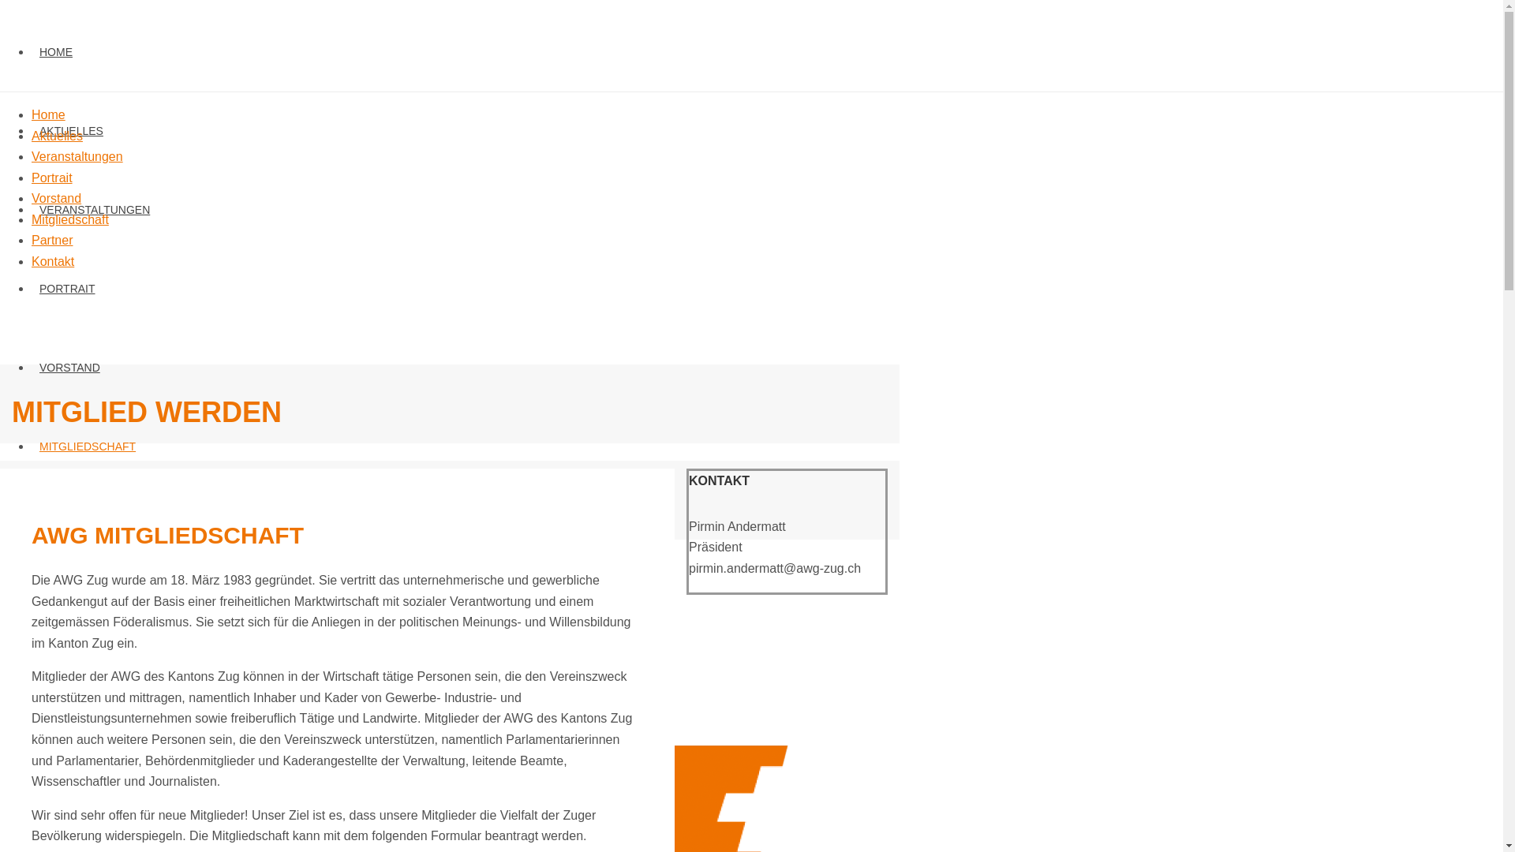 The width and height of the screenshot is (1515, 852). What do you see at coordinates (64, 603) in the screenshot?
I see `'KONTAKT'` at bounding box center [64, 603].